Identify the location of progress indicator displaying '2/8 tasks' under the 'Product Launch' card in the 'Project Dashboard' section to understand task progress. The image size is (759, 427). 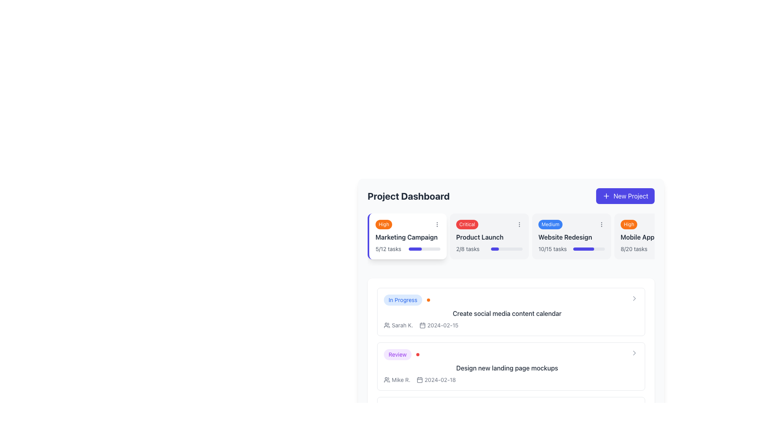
(489, 248).